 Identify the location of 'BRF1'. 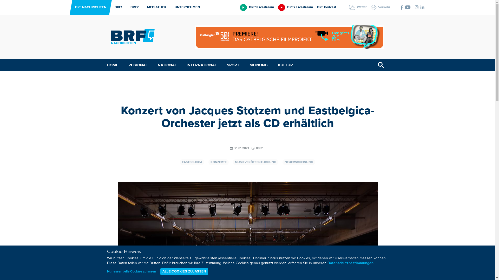
(116, 8).